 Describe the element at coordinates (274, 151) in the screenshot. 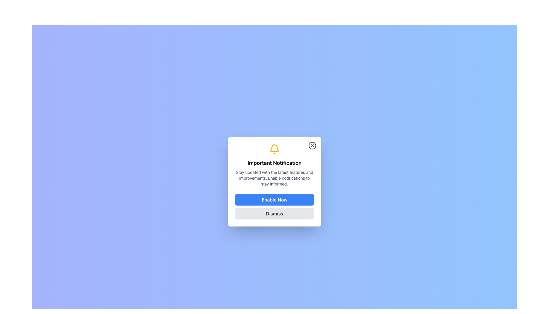

I see `the decorative bell icon with a yellow outline style, located prominently above the text 'Important Notification' in the notification dialog box` at that location.